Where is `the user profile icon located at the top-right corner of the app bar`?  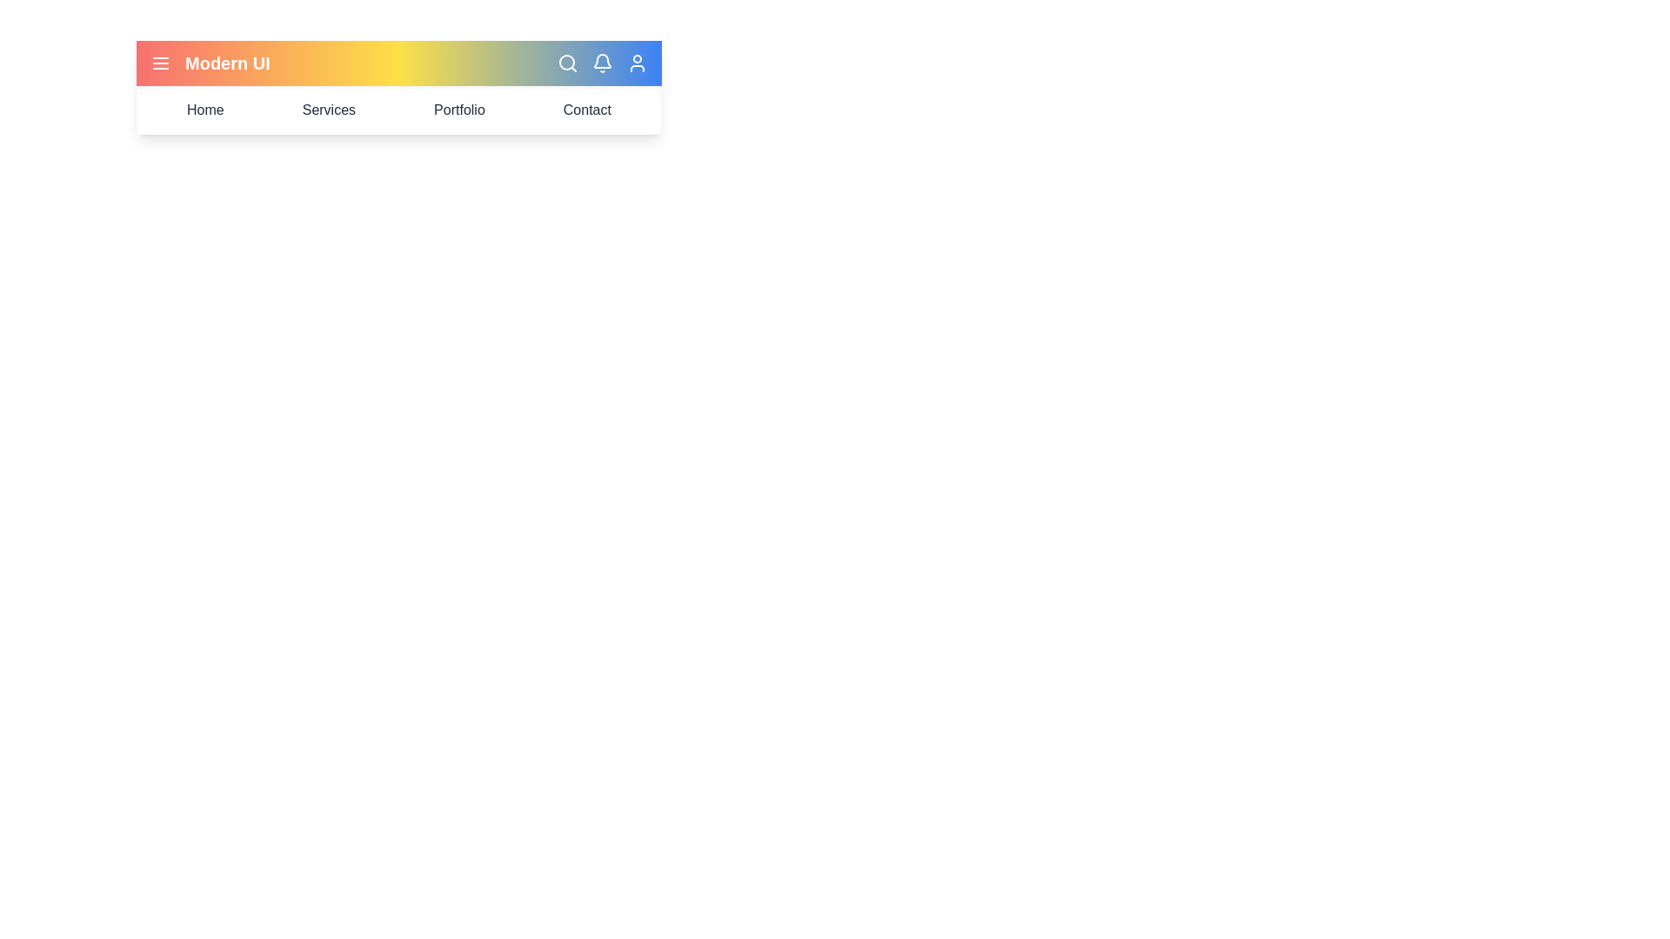
the user profile icon located at the top-right corner of the app bar is located at coordinates (637, 63).